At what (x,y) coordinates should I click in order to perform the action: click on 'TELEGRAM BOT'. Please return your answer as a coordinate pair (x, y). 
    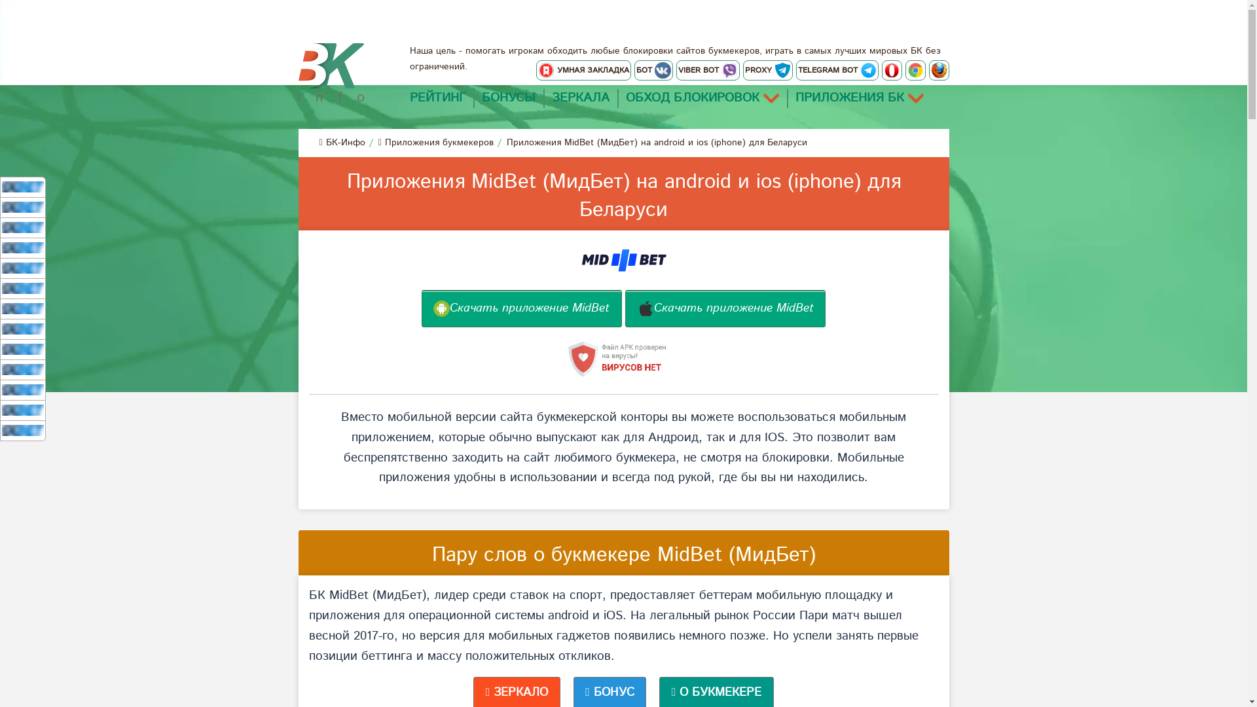
    Looking at the image, I should click on (836, 70).